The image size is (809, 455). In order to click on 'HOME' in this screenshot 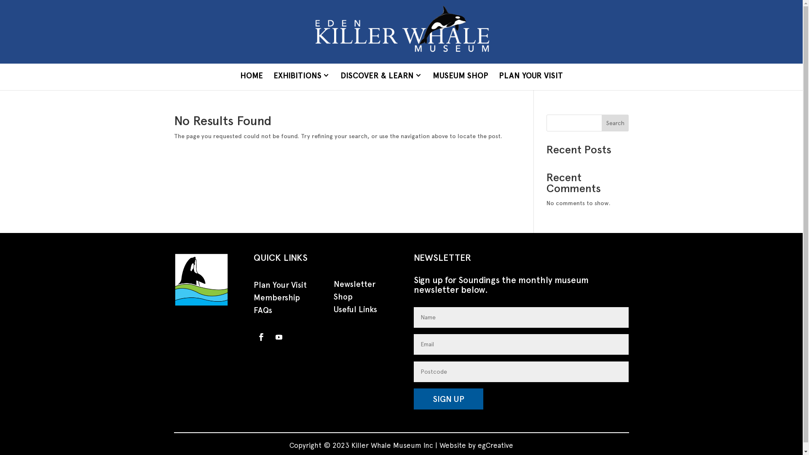, I will do `click(251, 77)`.